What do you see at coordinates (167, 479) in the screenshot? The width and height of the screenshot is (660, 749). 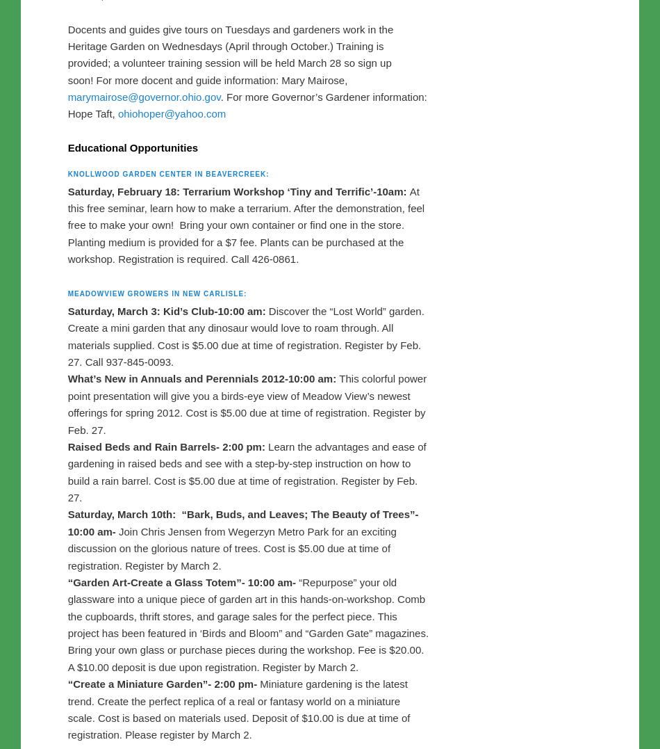 I see `'Raised Beds and Rain Barrels- 2:00 pm:'` at bounding box center [167, 479].